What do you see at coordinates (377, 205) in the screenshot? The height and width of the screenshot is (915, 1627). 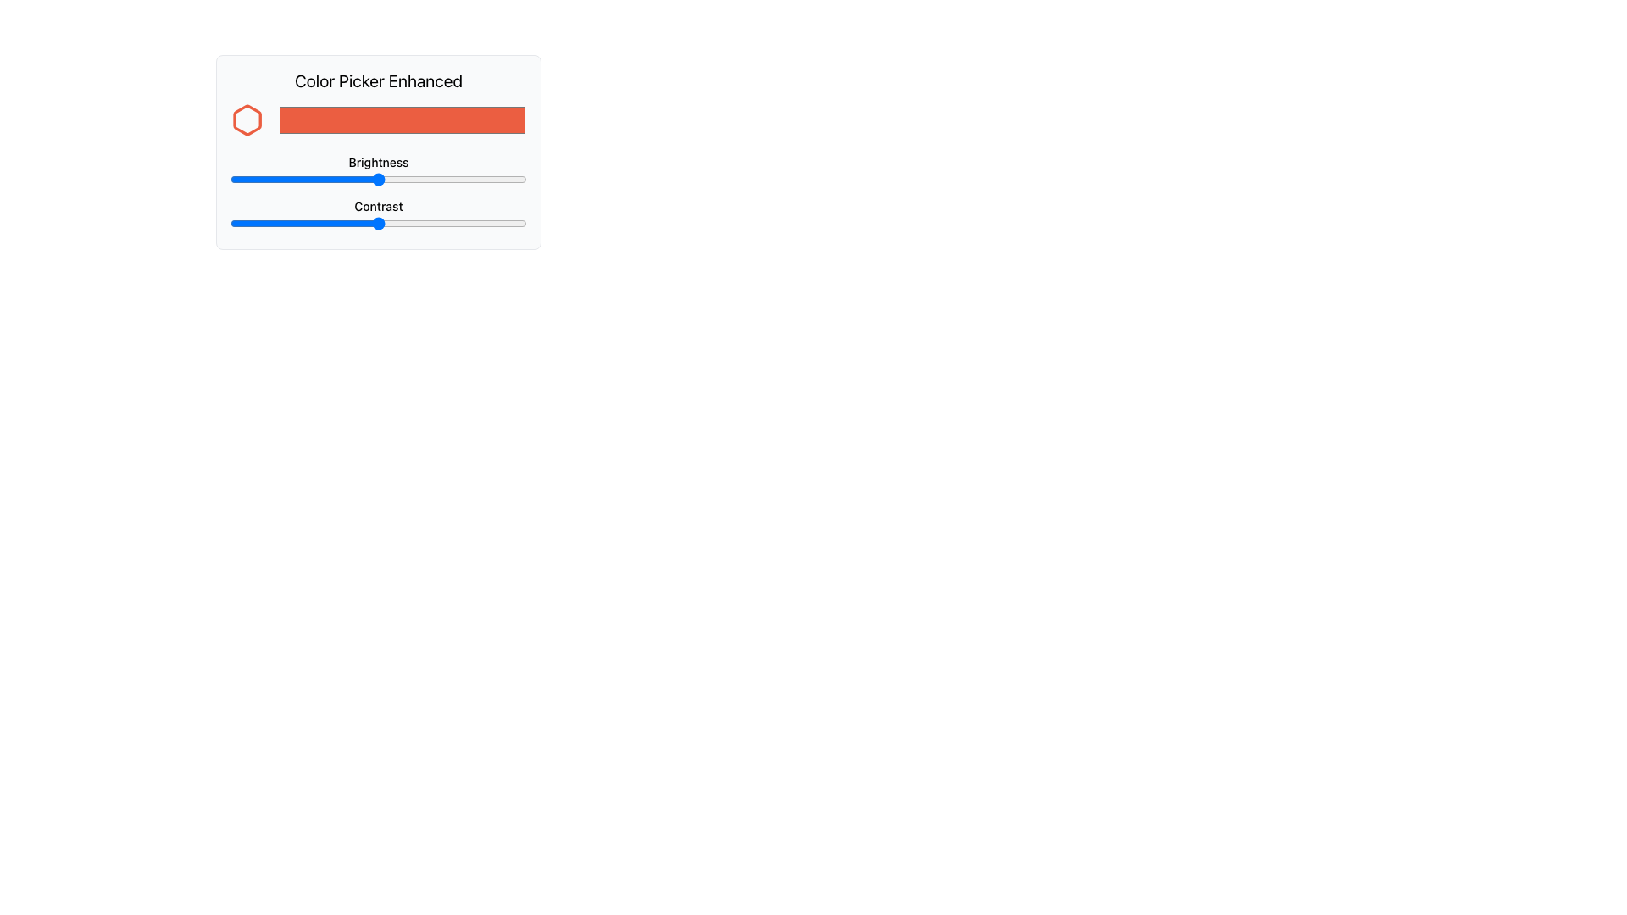 I see `the 'Contrast' label, which is displayed in black font with medium-weight styling, to check if any tooltip appears` at bounding box center [377, 205].